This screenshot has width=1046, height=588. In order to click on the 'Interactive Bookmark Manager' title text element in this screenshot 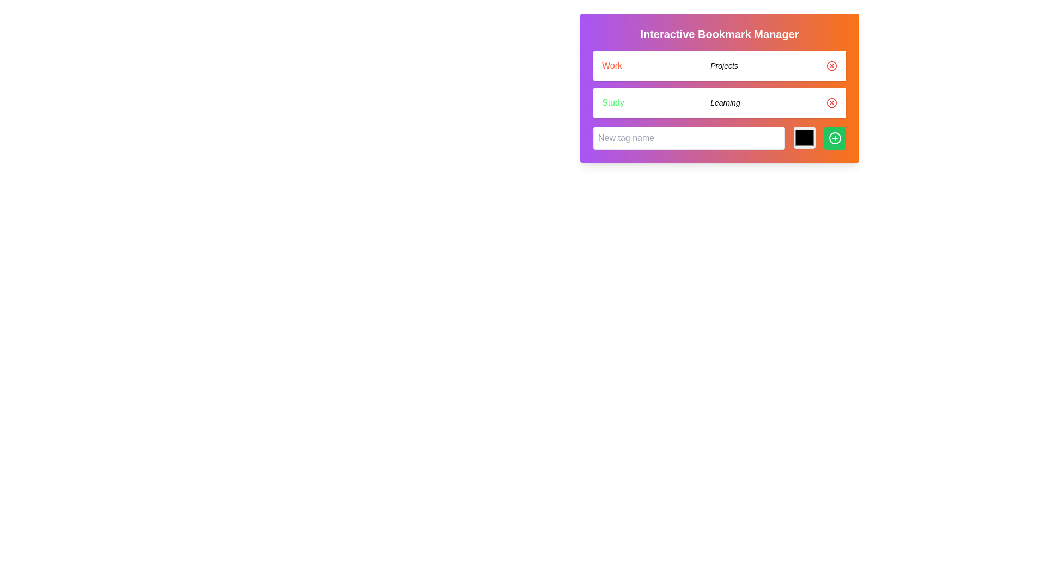, I will do `click(719, 33)`.